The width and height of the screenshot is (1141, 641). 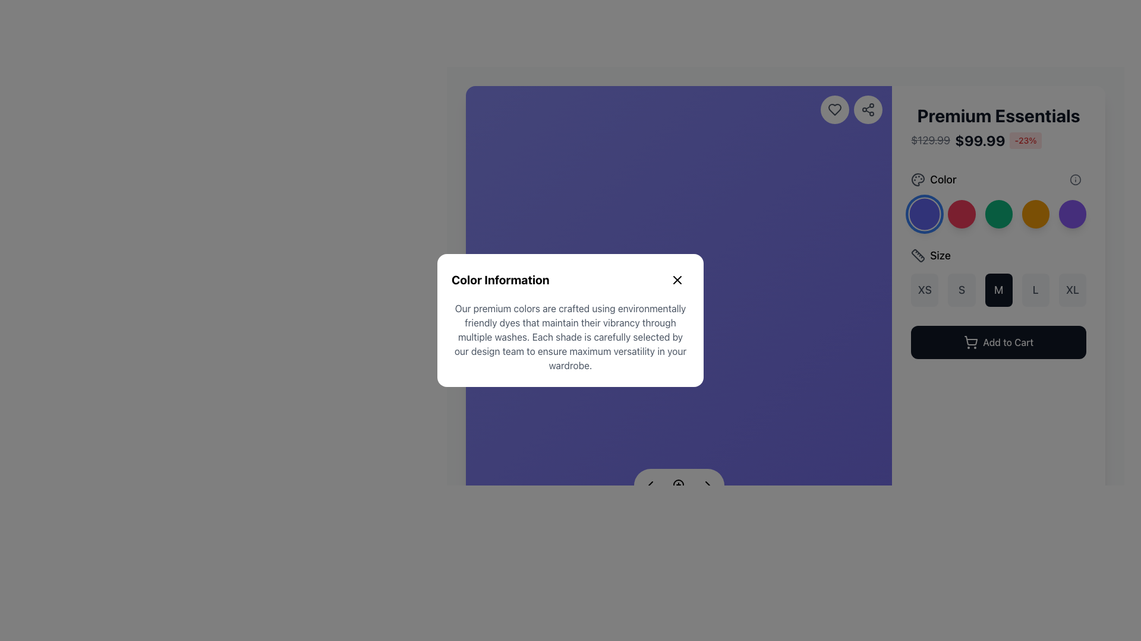 What do you see at coordinates (943, 180) in the screenshot?
I see `'Color' text label which indicates the context for color selection options, positioned to the right of a palette icon` at bounding box center [943, 180].